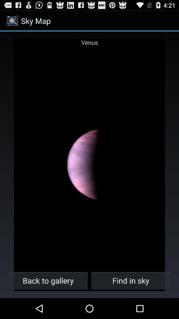  Describe the element at coordinates (48, 280) in the screenshot. I see `the back to gallery item` at that location.